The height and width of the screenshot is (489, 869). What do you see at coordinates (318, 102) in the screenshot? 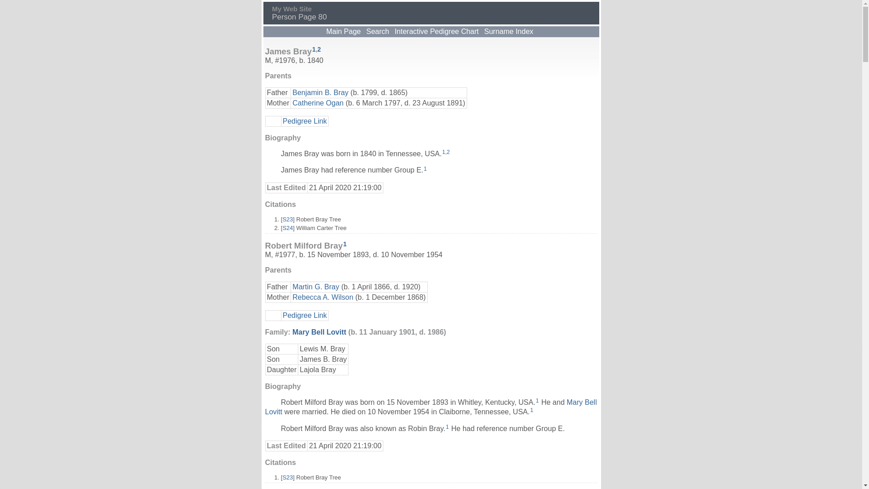
I see `'Catherine Ogan'` at bounding box center [318, 102].